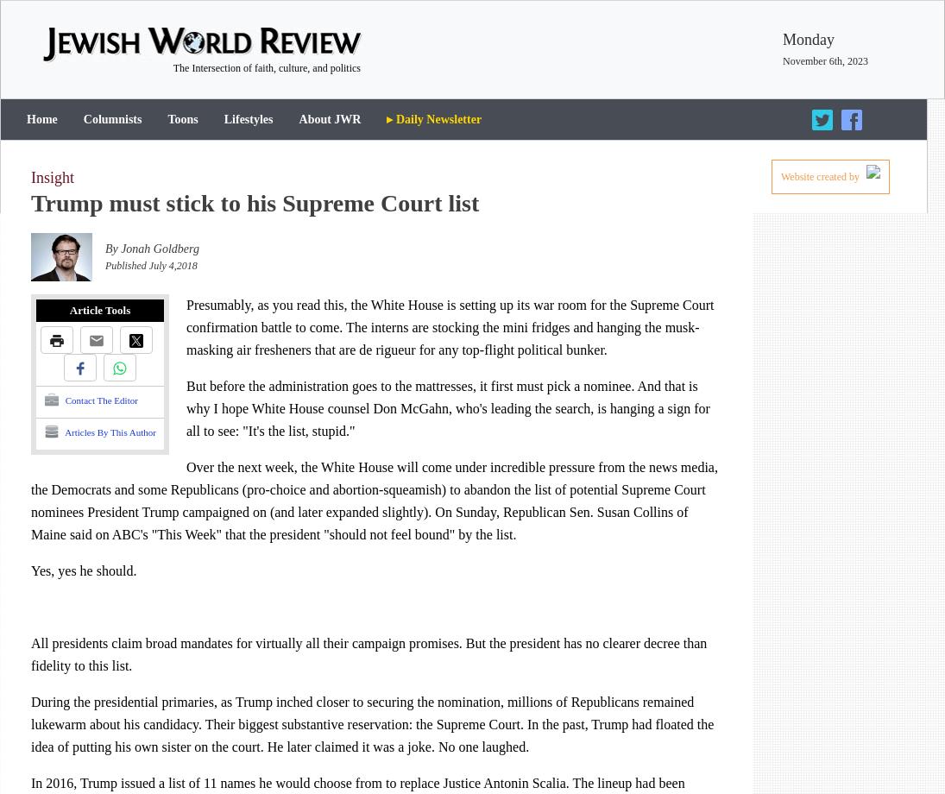 The height and width of the screenshot is (794, 945). Describe the element at coordinates (98, 309) in the screenshot. I see `'Article Tools'` at that location.